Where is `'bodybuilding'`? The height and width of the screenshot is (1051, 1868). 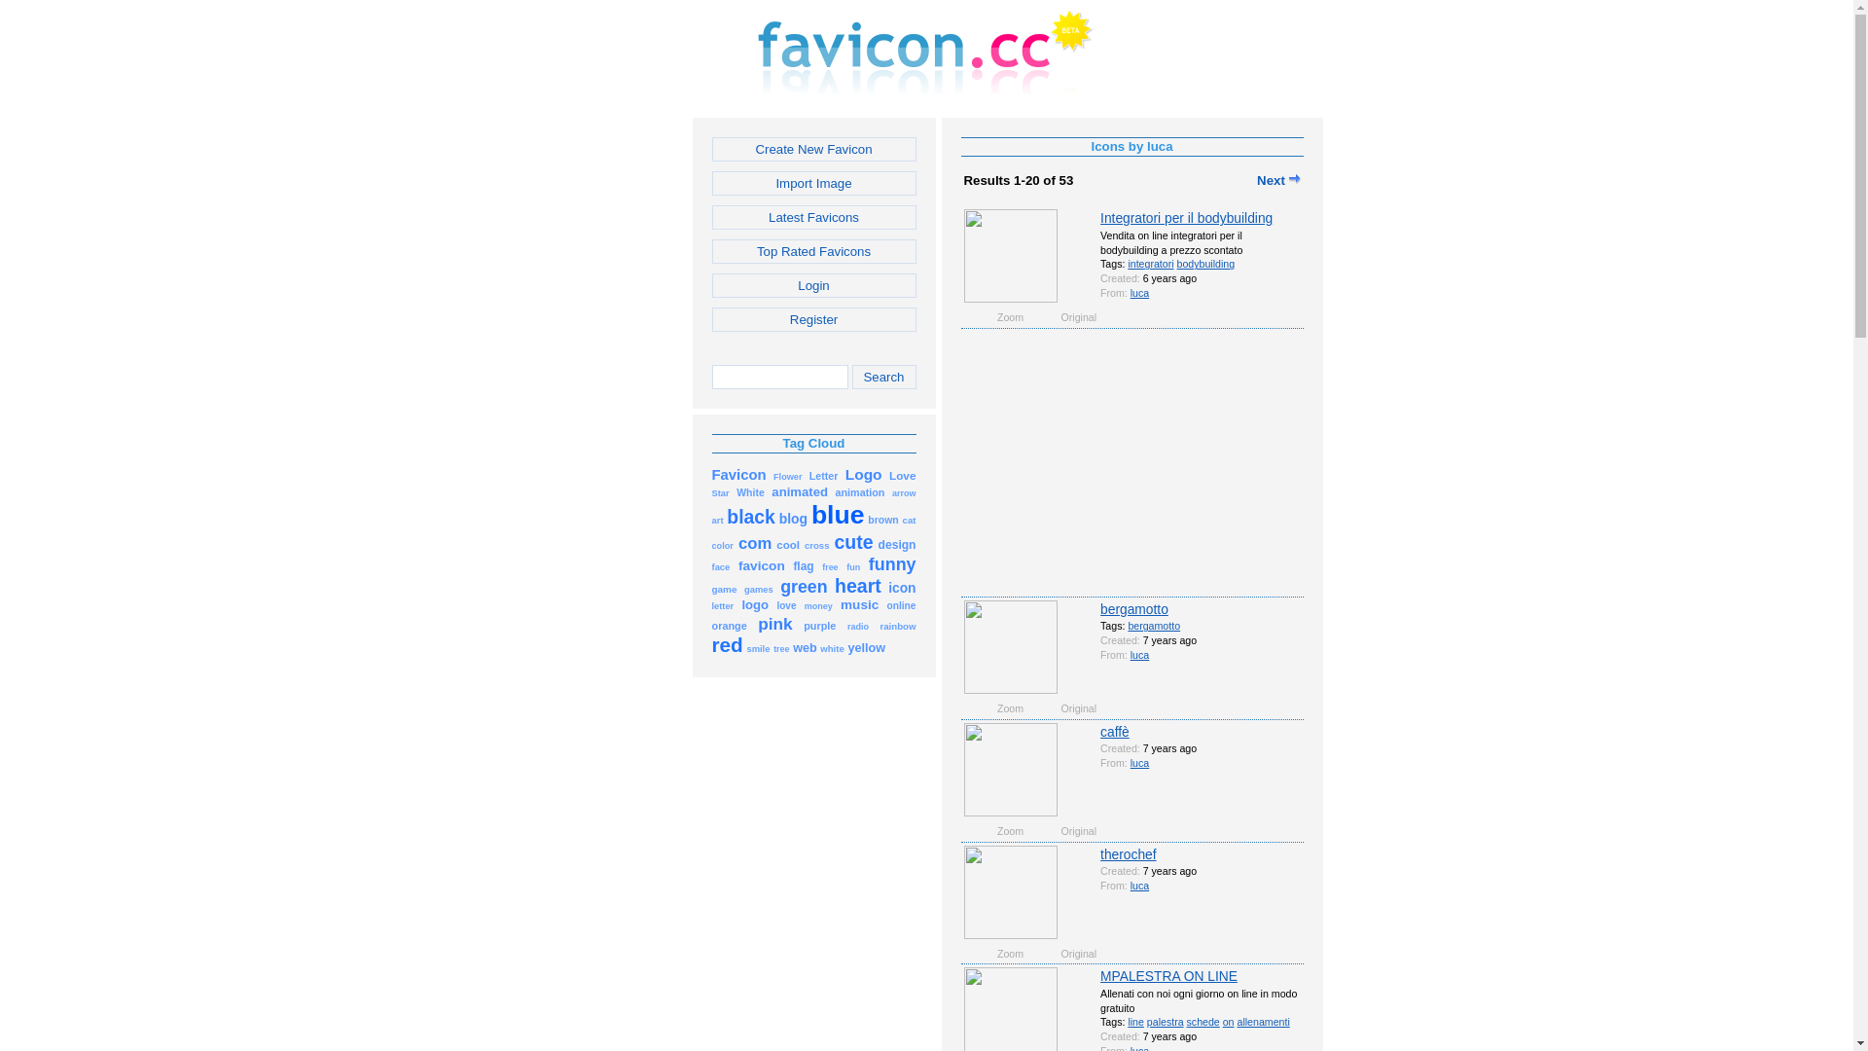
'bodybuilding' is located at coordinates (1204, 263).